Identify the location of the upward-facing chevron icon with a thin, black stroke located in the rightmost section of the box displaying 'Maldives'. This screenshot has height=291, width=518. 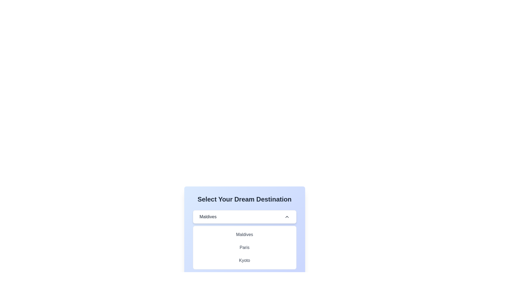
(287, 217).